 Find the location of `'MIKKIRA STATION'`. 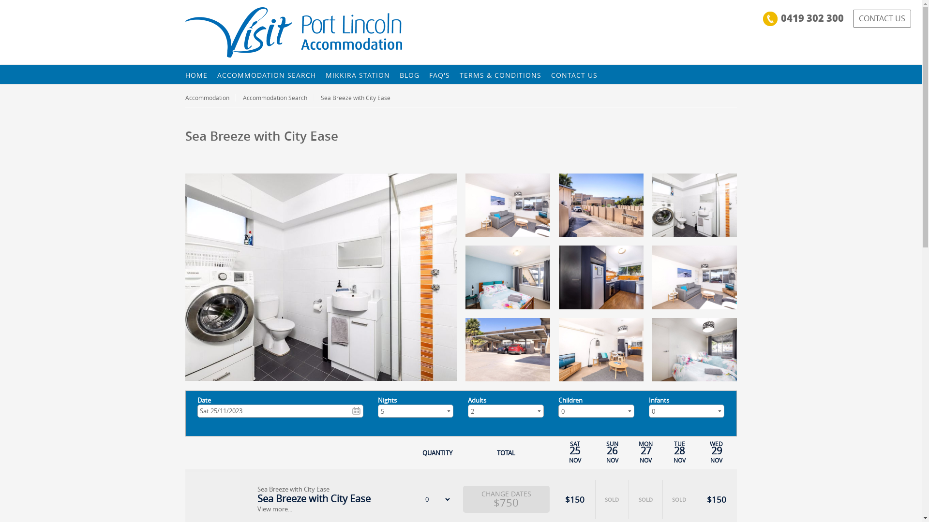

'MIKKIRA STATION' is located at coordinates (325, 74).